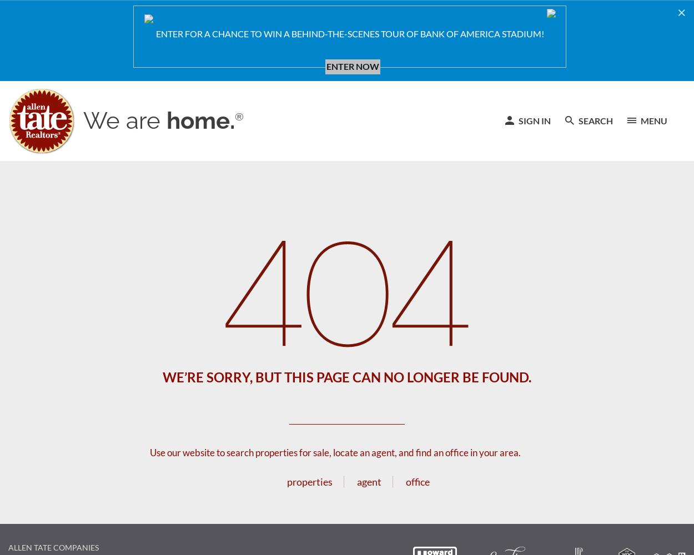 The image size is (694, 555). I want to click on 'Allen Tate Companies', so click(53, 547).